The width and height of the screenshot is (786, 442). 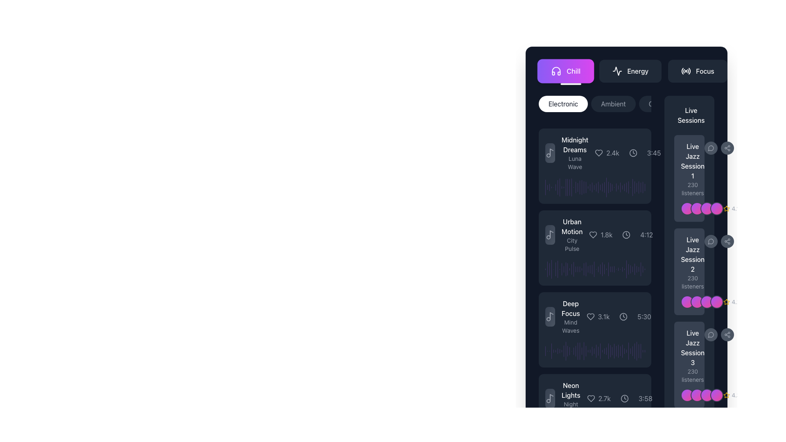 I want to click on the fourth circular icon representing an additional participant in the 'Live Jazz Session 3' card located at the bottom-right, so click(x=716, y=395).